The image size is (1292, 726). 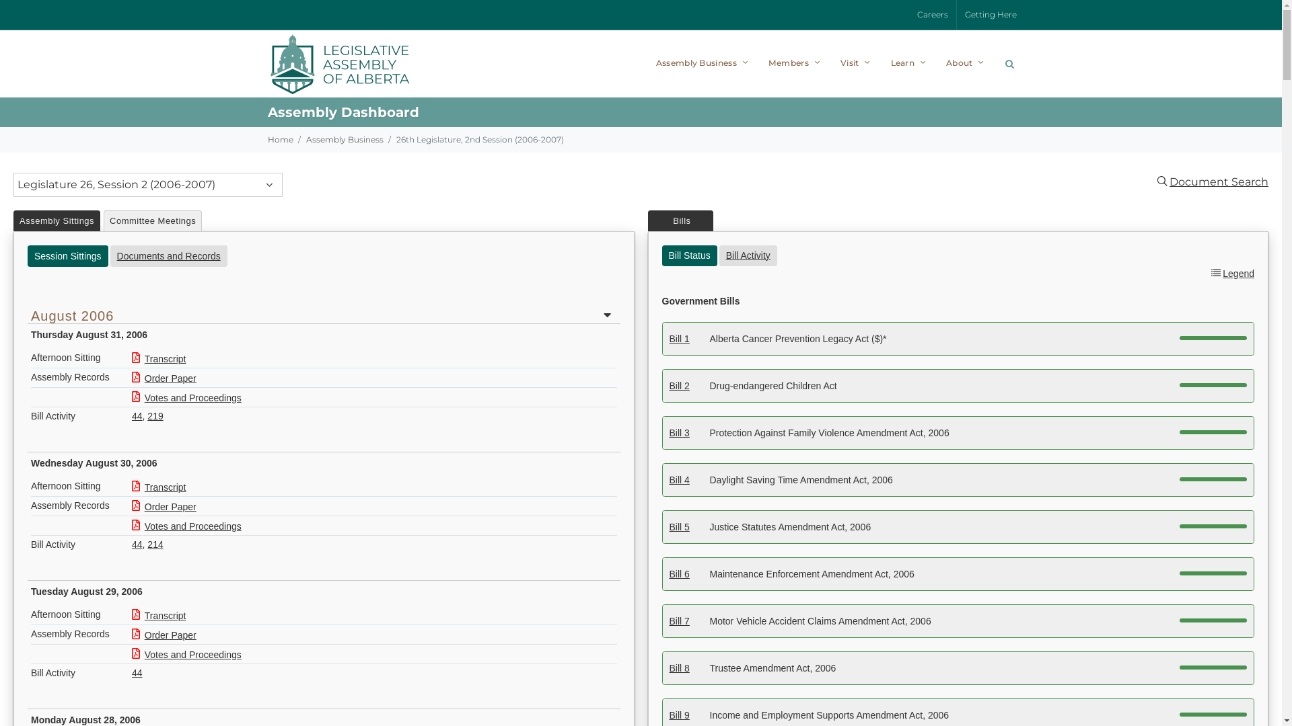 I want to click on 'About', so click(x=966, y=63).